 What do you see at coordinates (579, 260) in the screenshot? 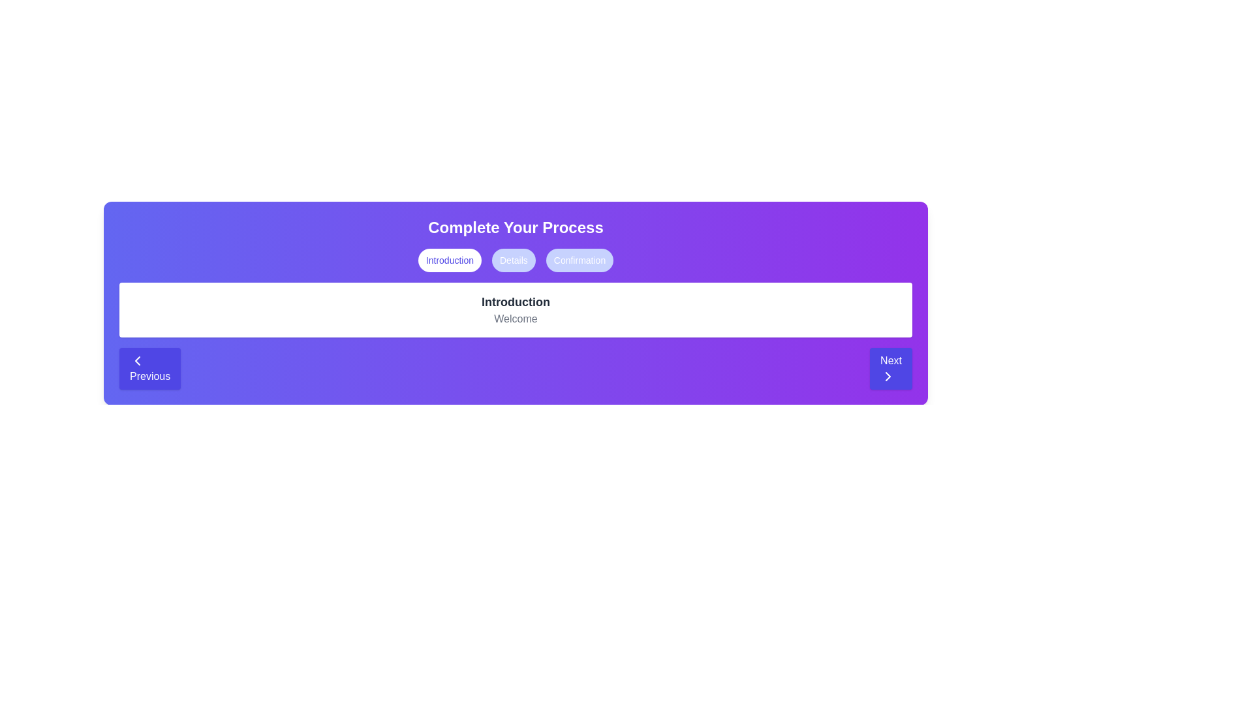
I see `the 'Confirmation' button, which is a pill-shaped button with a light indigo background and white text, located on the center-right of the purple gradient header panel` at bounding box center [579, 260].